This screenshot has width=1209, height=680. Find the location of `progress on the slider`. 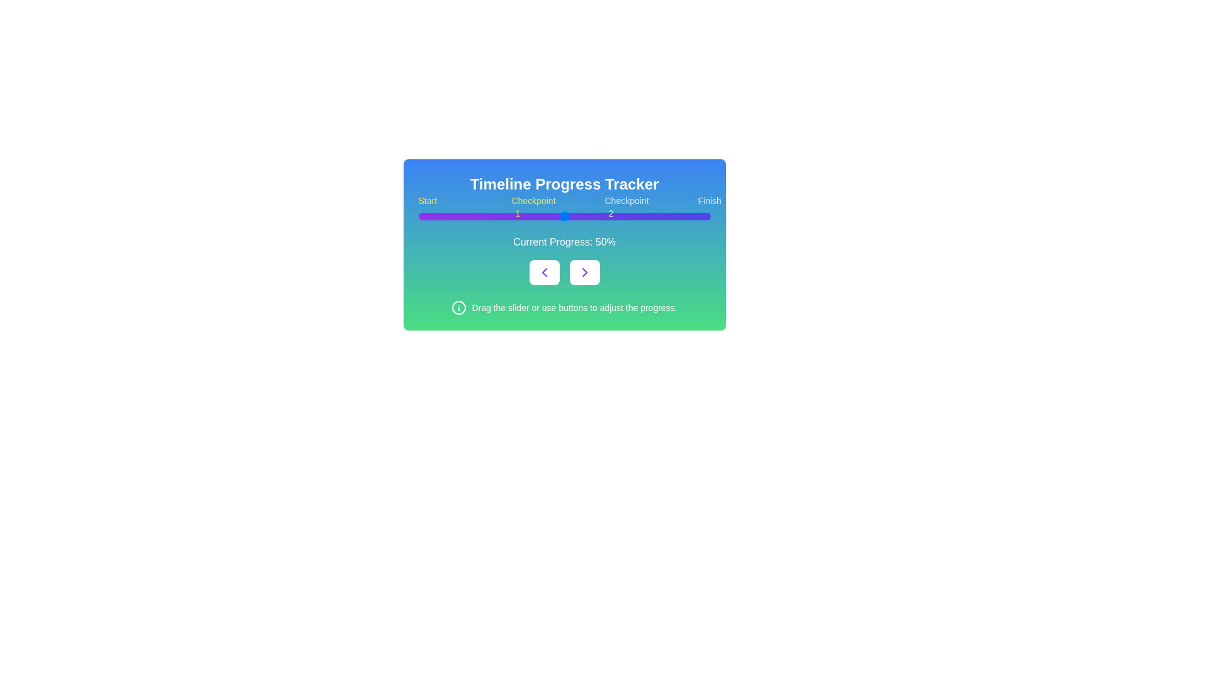

progress on the slider is located at coordinates (511, 215).